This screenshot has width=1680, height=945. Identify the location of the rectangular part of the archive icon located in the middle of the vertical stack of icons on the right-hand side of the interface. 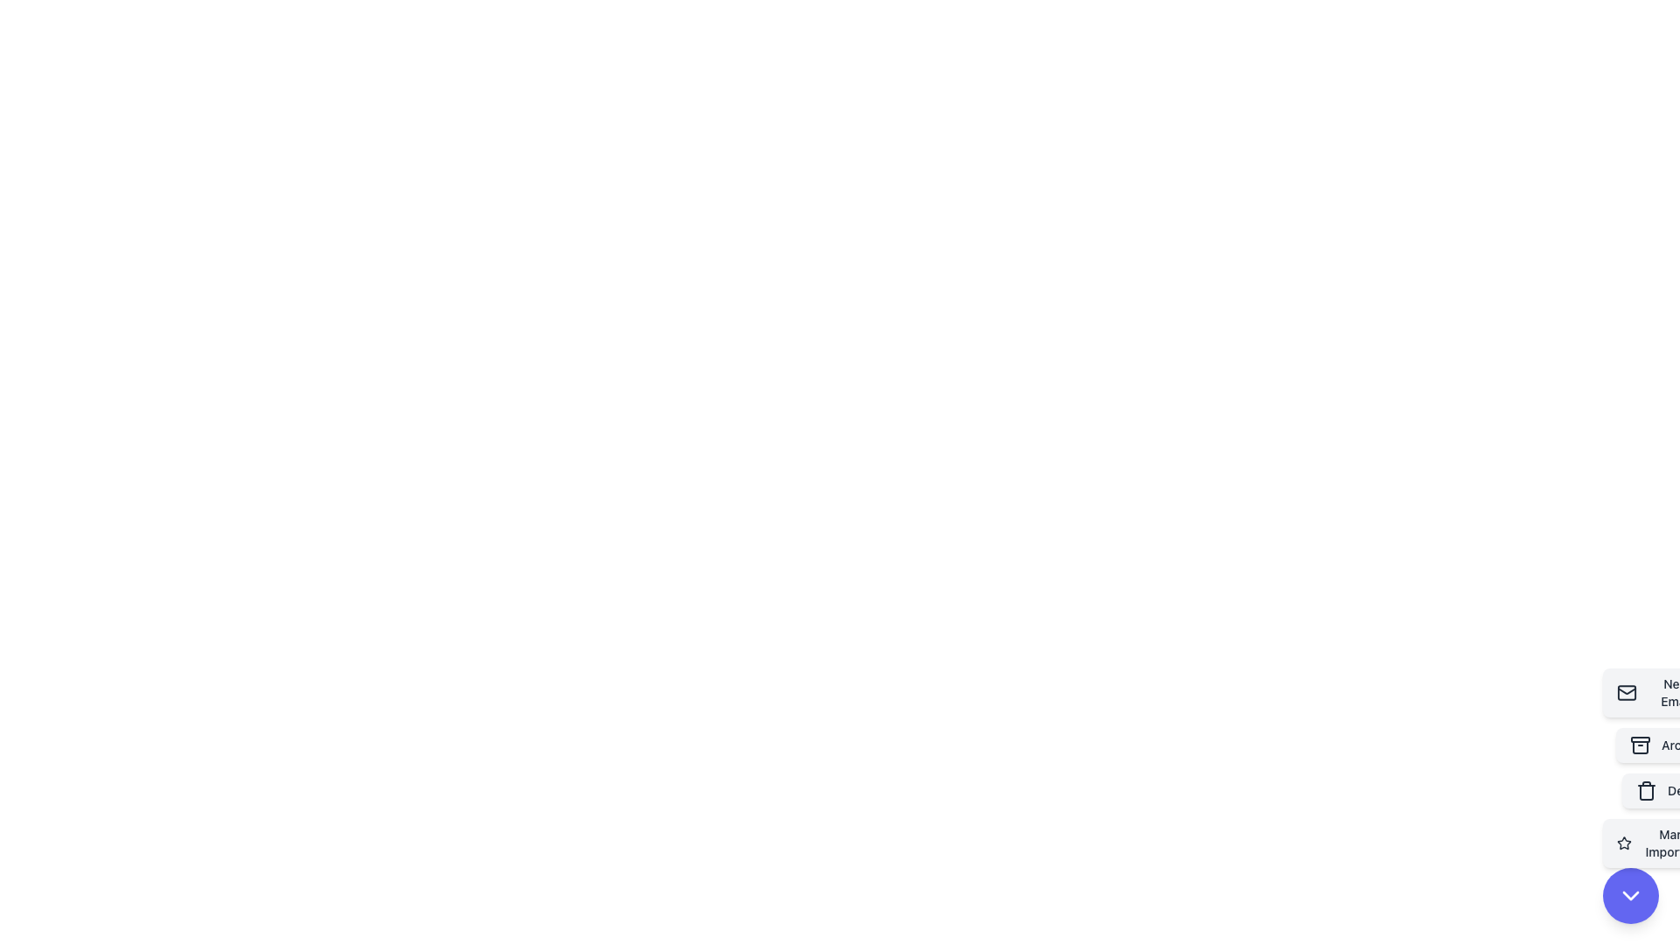
(1640, 739).